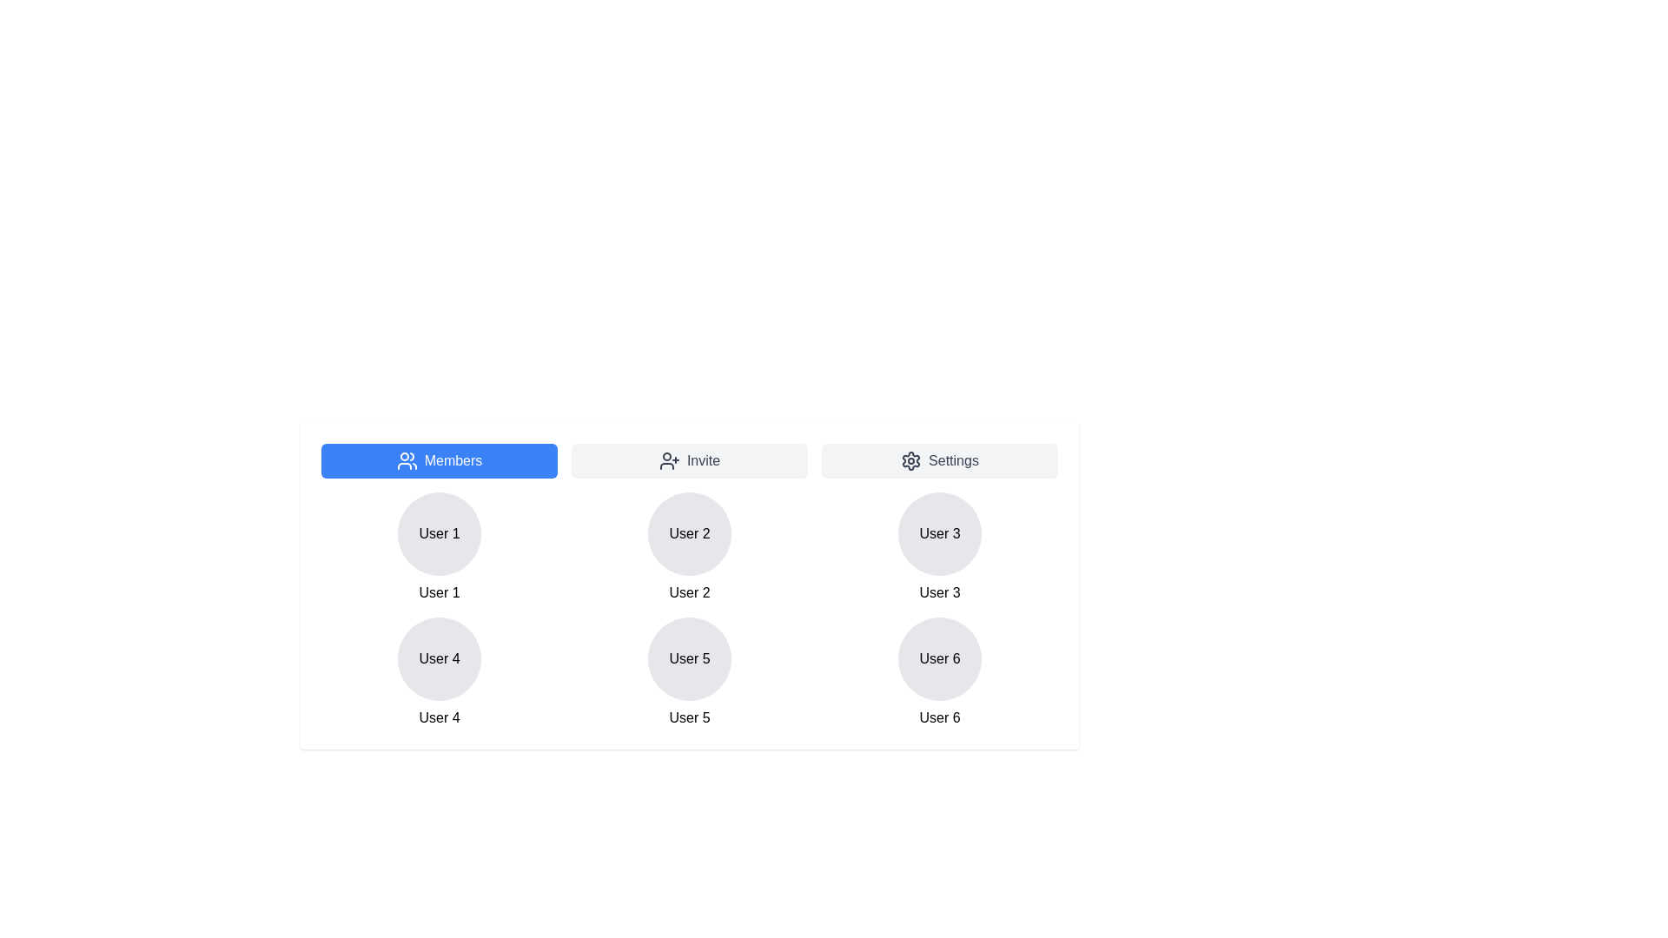  What do you see at coordinates (938, 532) in the screenshot?
I see `the circular gray icon labeled 'User 3'` at bounding box center [938, 532].